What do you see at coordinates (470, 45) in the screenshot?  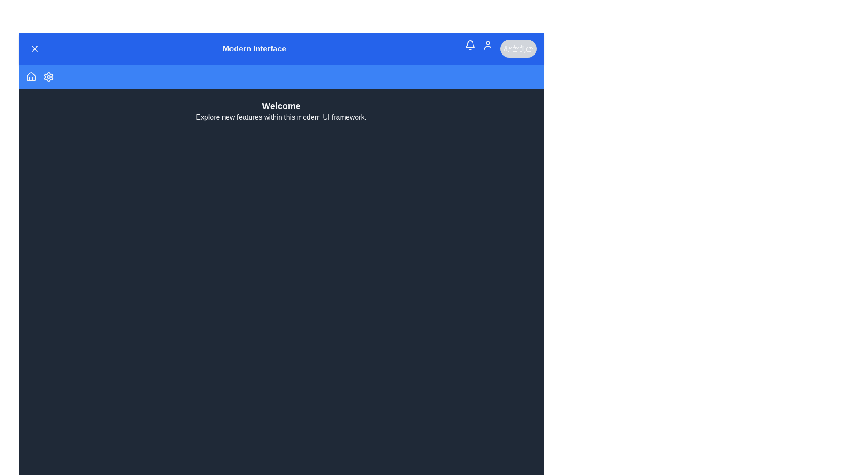 I see `the notification bell icon` at bounding box center [470, 45].